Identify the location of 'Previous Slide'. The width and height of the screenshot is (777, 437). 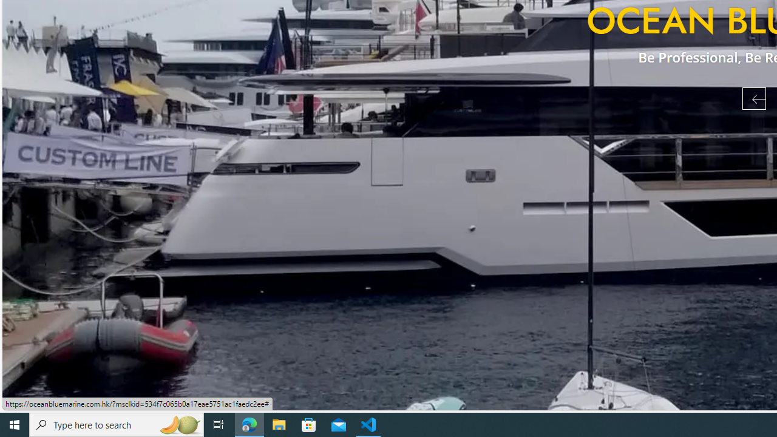
(753, 98).